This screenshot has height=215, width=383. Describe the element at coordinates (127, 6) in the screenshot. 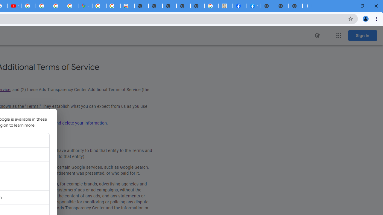

I see `'Chrome Web Store - Shopping'` at that location.